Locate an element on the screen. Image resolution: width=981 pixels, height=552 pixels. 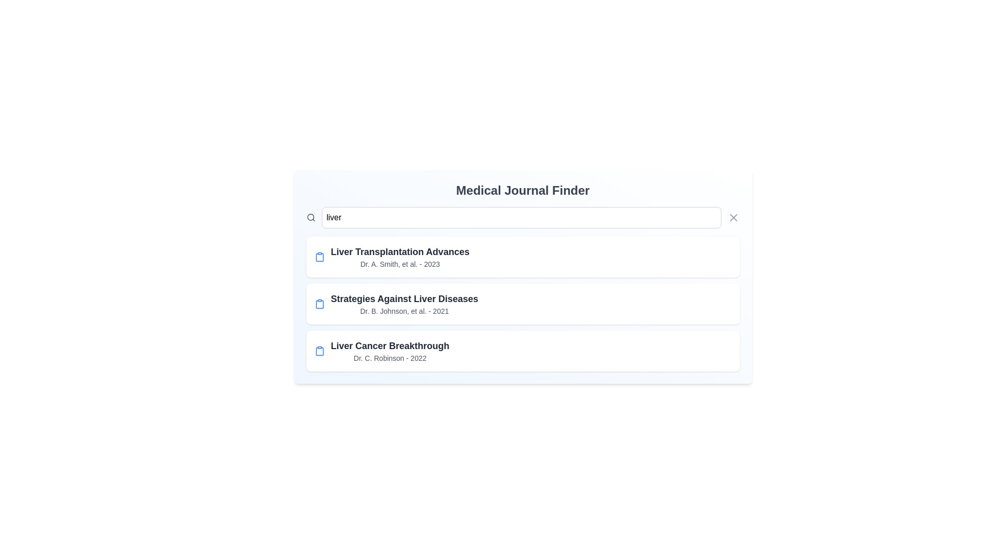
the red cross icon used to clear the input field in the 'Medical Journal Finder' application is located at coordinates (733, 217).